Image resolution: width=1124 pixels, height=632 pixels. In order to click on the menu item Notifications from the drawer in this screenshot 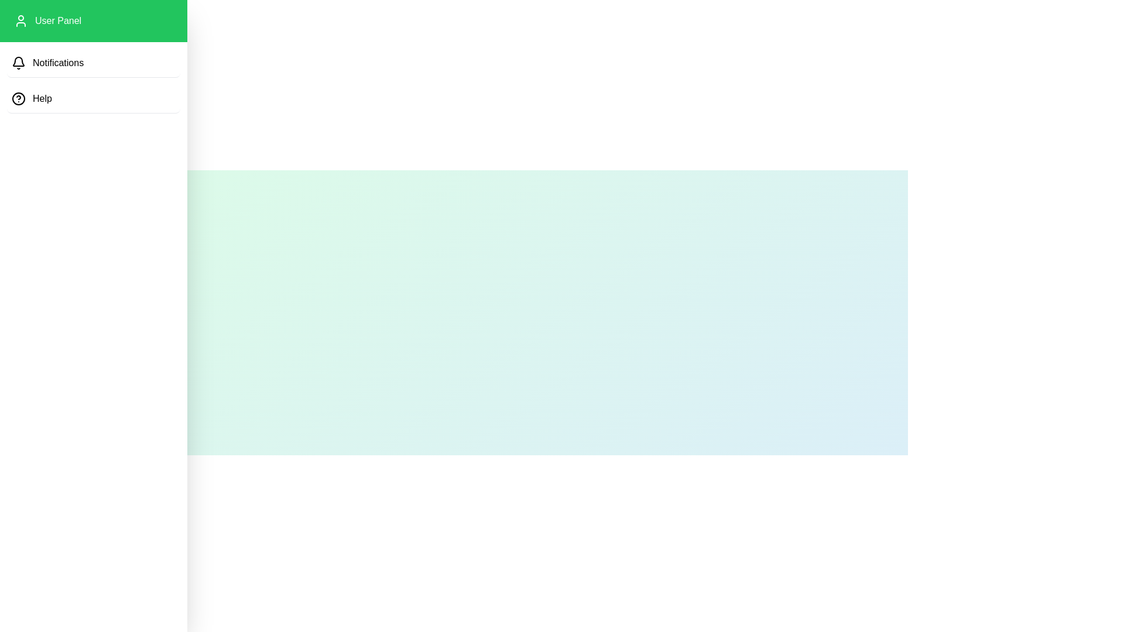, I will do `click(92, 63)`.